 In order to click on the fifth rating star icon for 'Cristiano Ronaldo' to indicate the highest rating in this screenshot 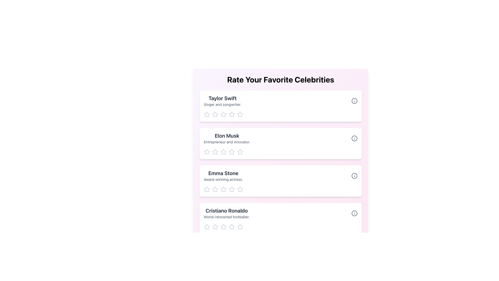, I will do `click(240, 226)`.